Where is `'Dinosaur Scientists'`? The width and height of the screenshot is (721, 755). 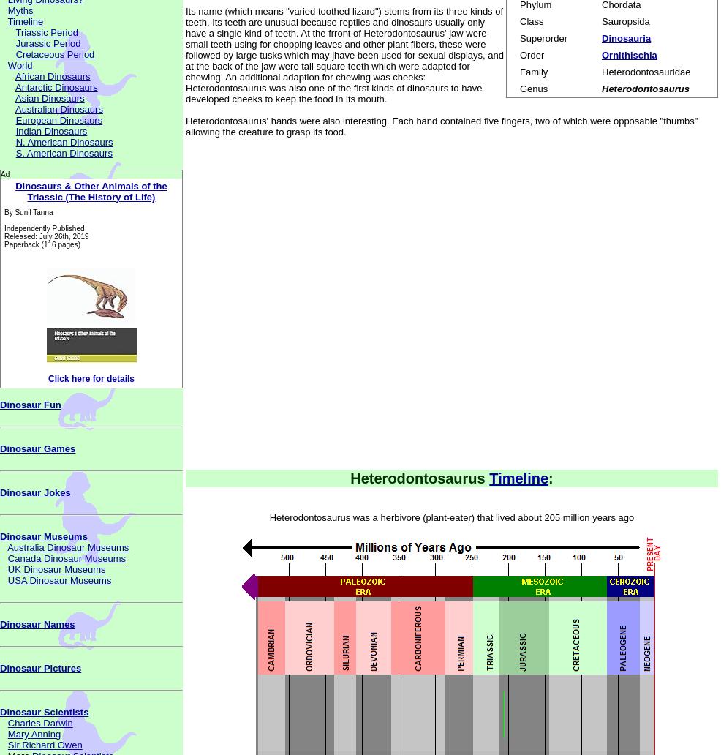 'Dinosaur Scientists' is located at coordinates (43, 711).